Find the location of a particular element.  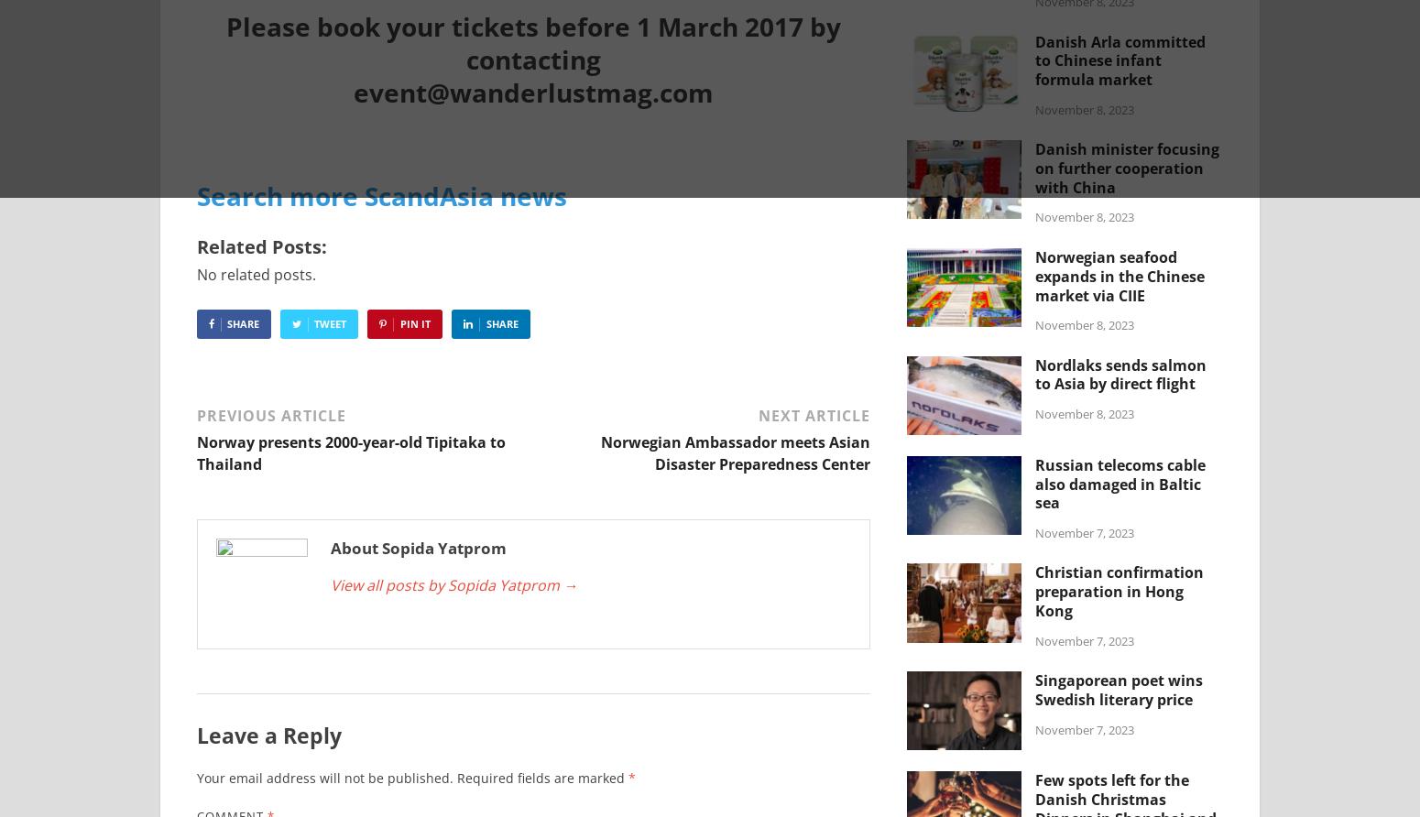

'event@wanderlustmag.com' is located at coordinates (533, 92).